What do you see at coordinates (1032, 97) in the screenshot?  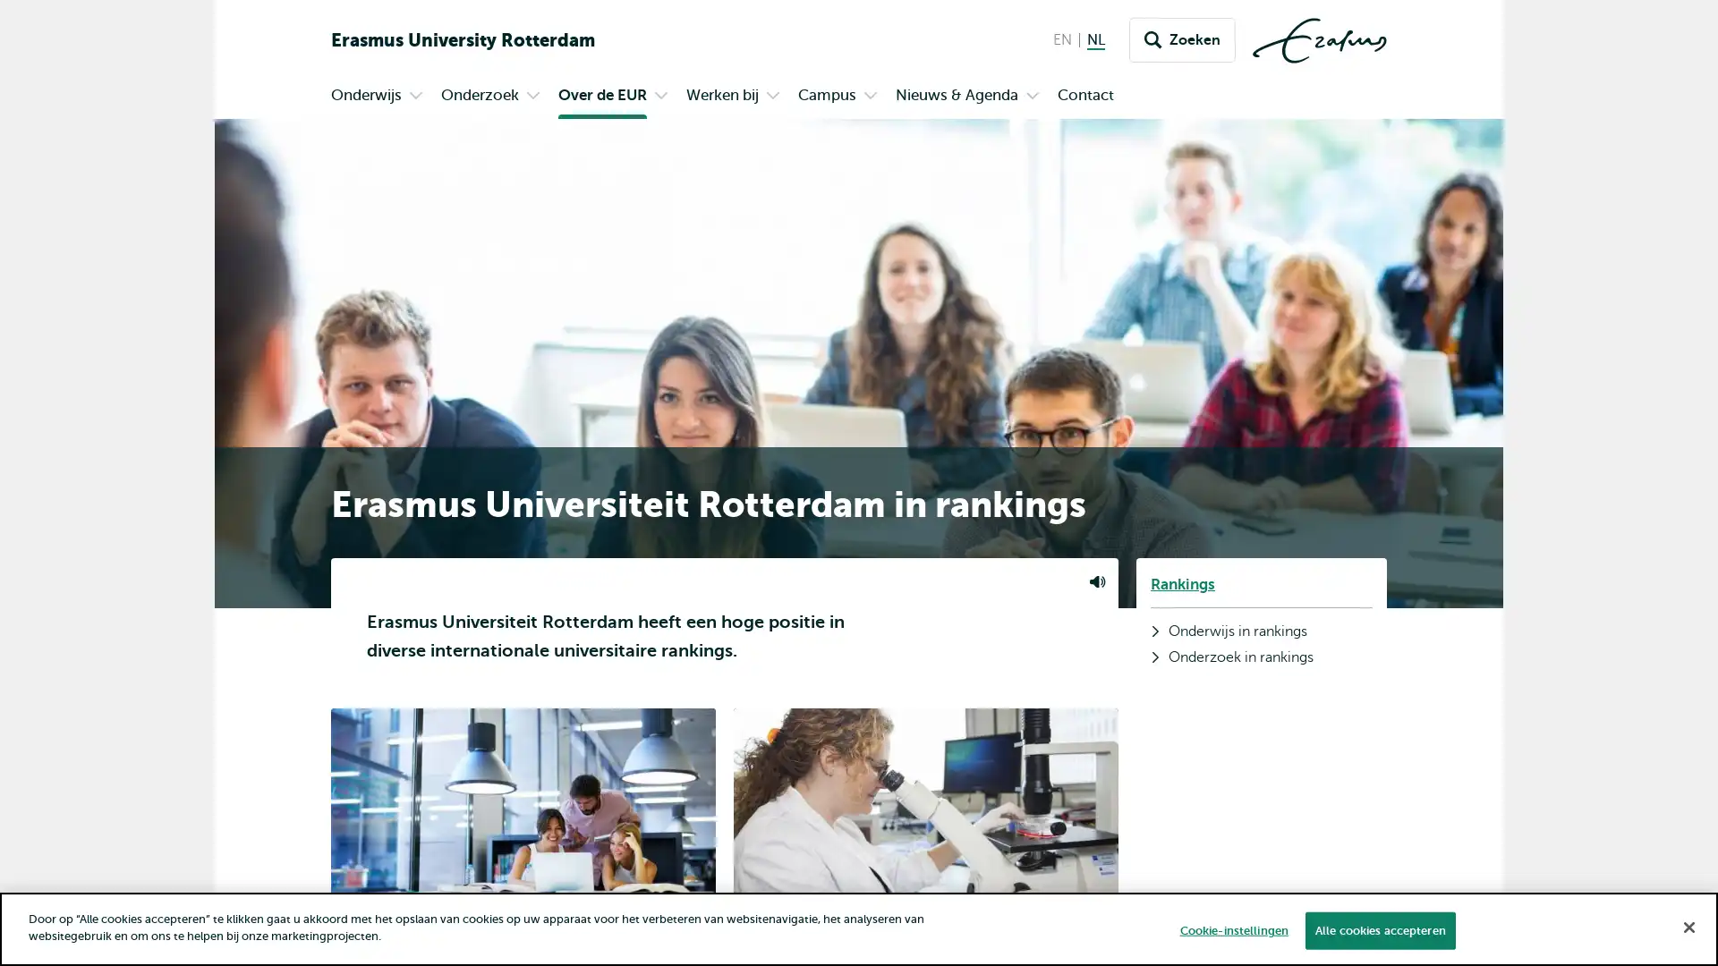 I see `Open submenu` at bounding box center [1032, 97].